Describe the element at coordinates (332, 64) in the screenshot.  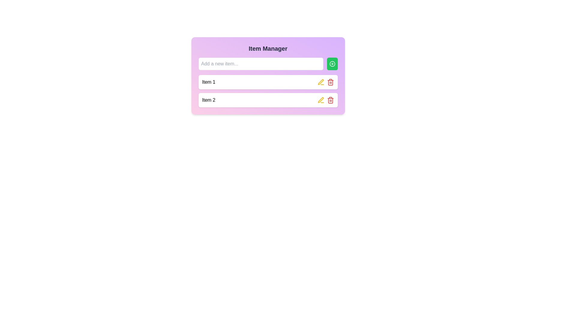
I see `the green circular button with a white cross icon located at the right end of the input field labeled 'Add a new item...'` at that location.